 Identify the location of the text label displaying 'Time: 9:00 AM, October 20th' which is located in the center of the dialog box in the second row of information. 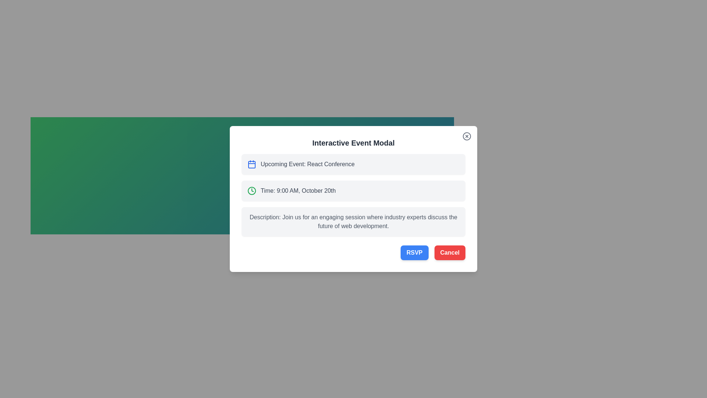
(298, 190).